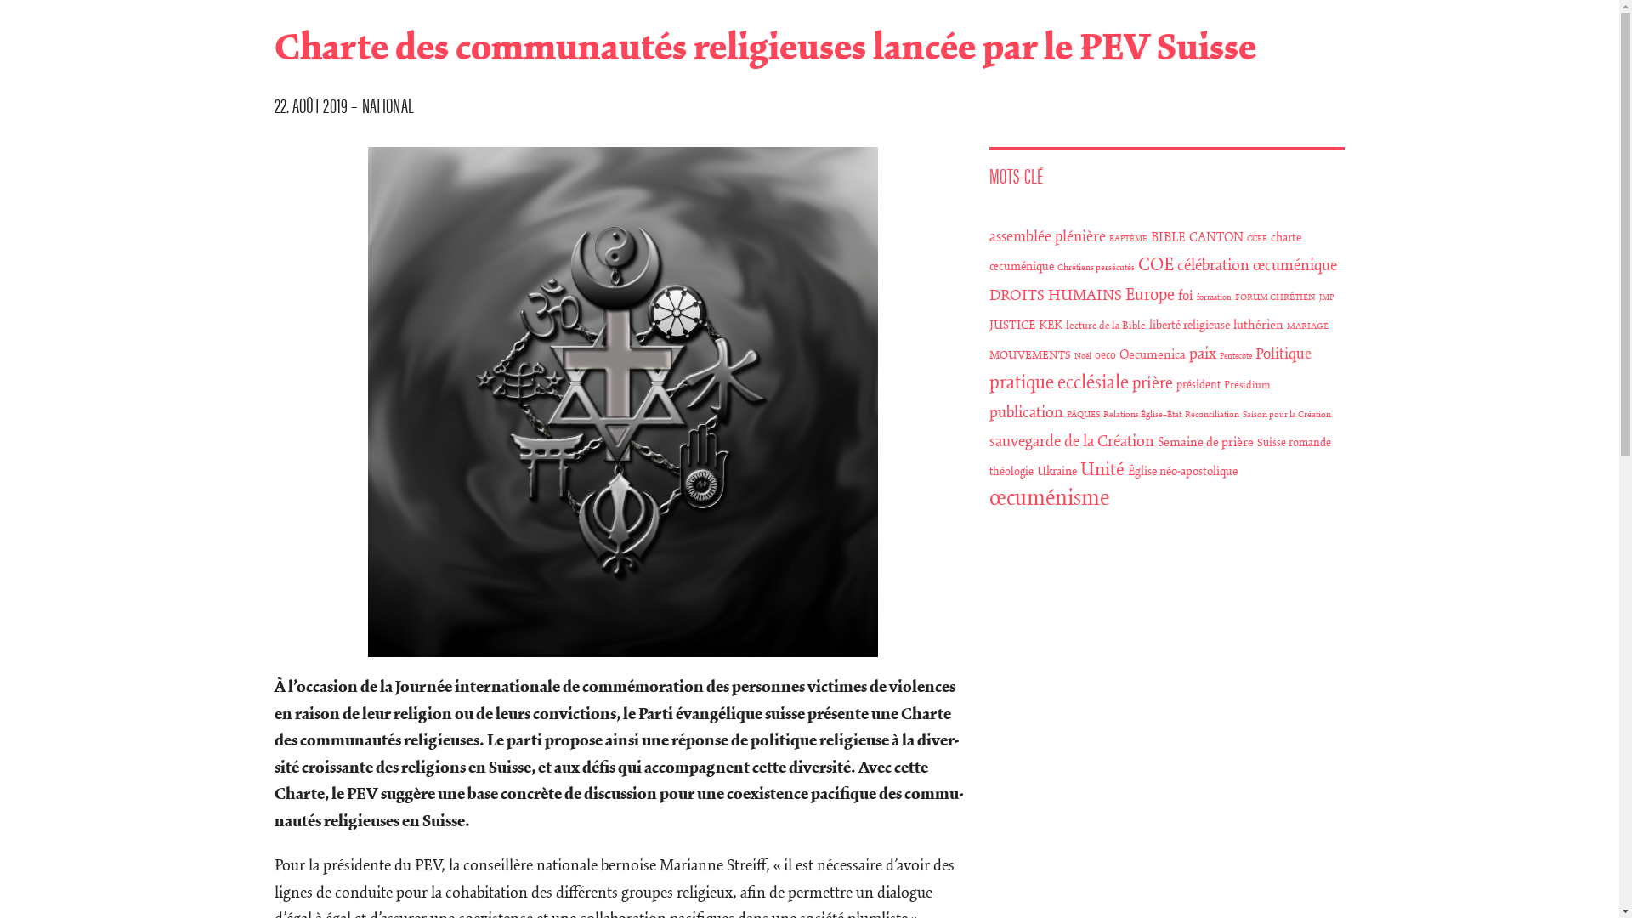 This screenshot has height=918, width=1632. I want to click on 'KEK', so click(1038, 325).